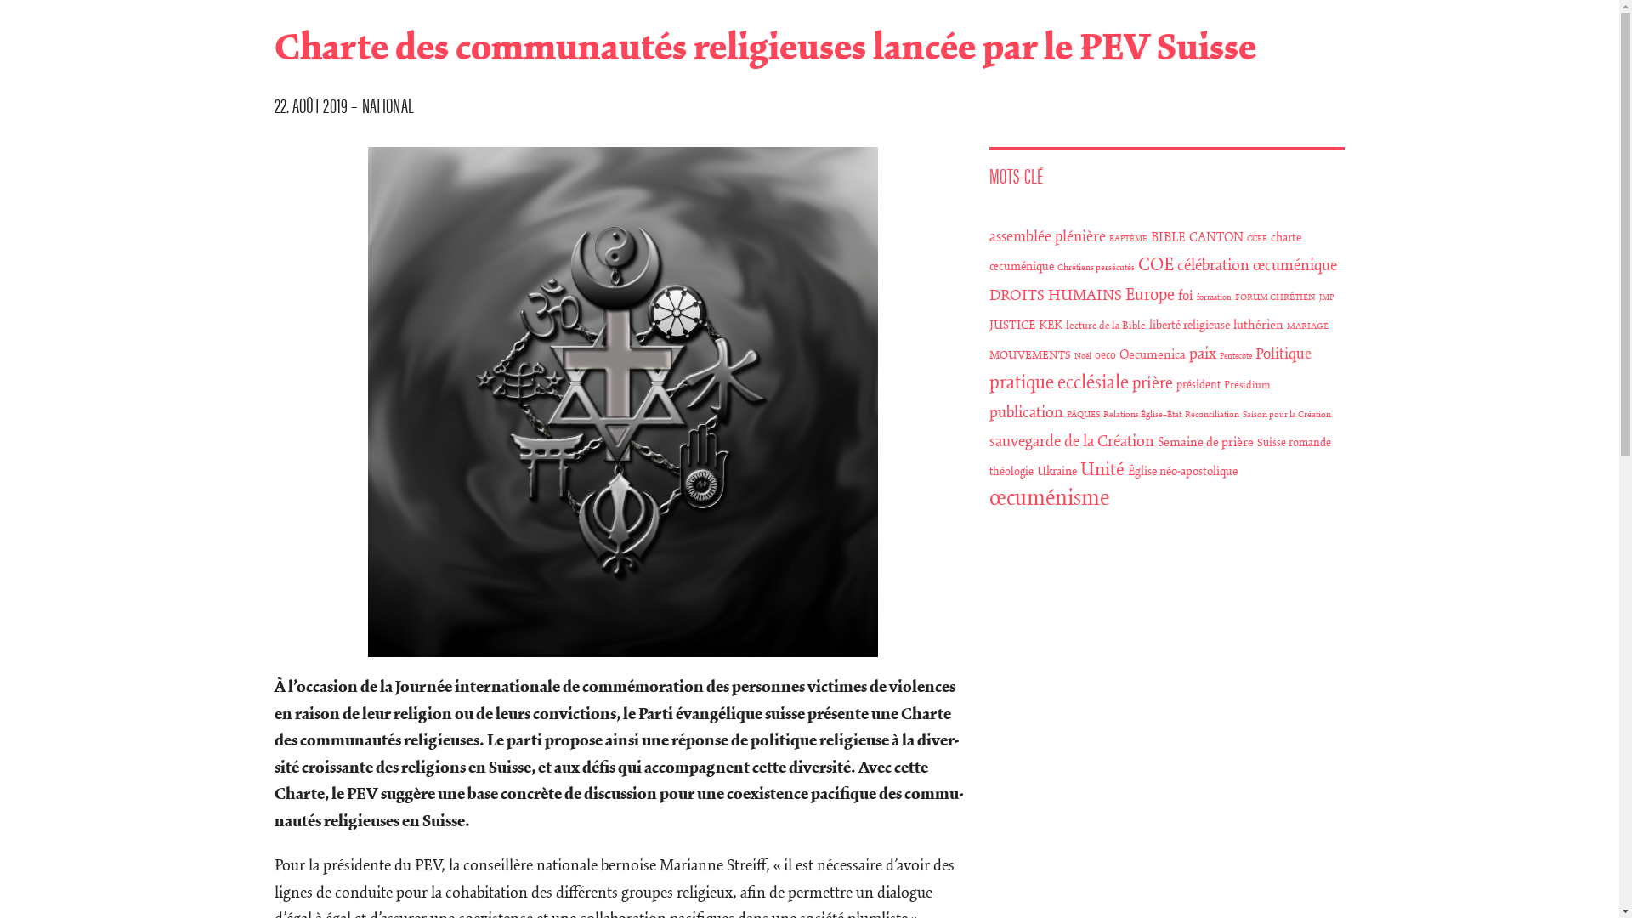 This screenshot has height=918, width=1632. I want to click on 'KEK', so click(1038, 325).